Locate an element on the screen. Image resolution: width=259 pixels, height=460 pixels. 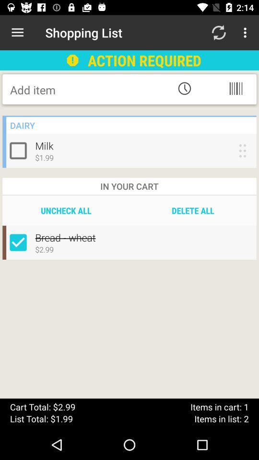
item to the right of the uncheck all item is located at coordinates (193, 210).